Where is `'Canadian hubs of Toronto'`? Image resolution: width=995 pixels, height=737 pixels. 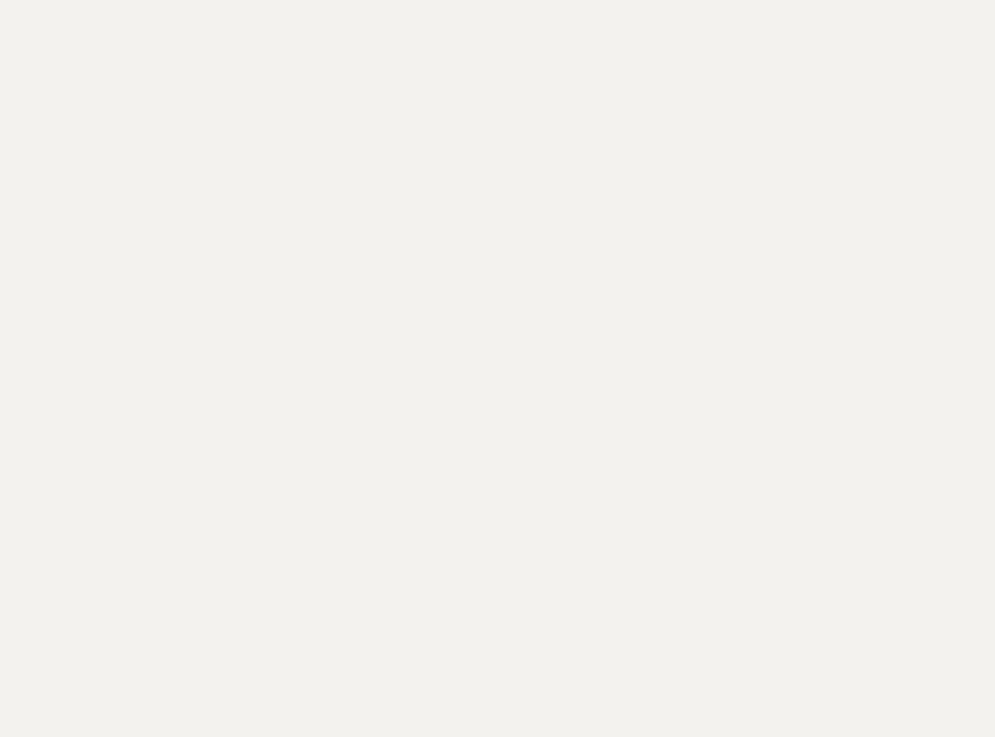
'Canadian hubs of Toronto' is located at coordinates (437, 307).